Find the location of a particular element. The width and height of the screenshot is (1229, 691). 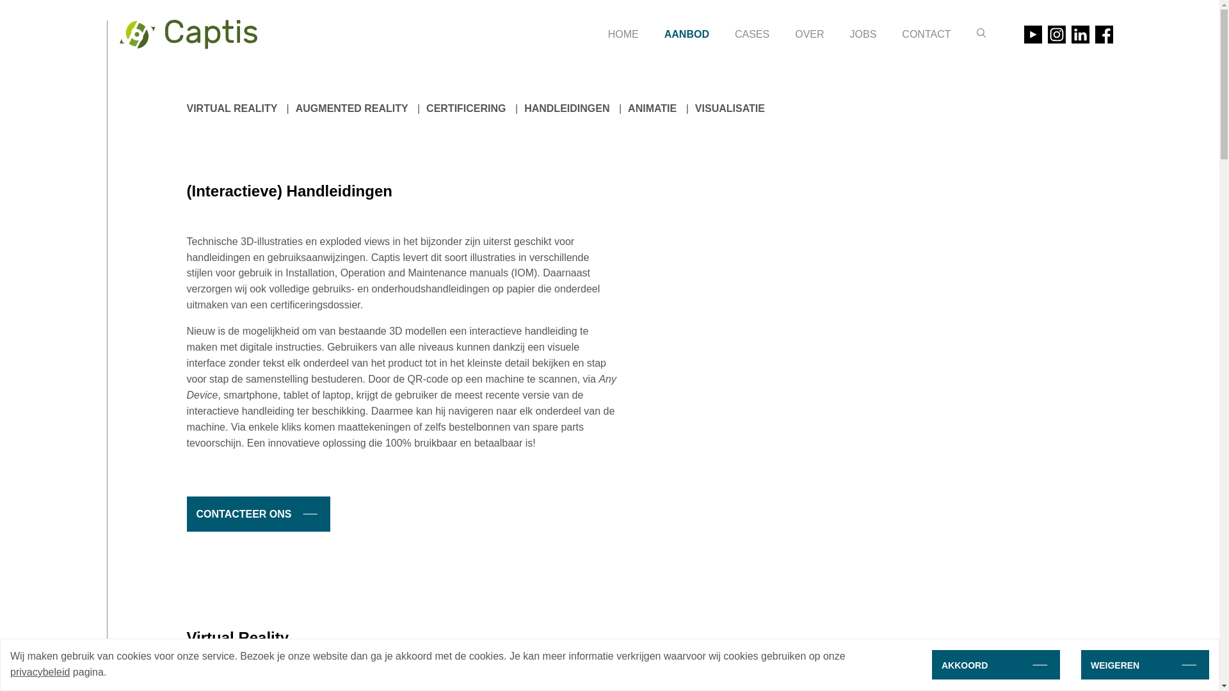

'VIRTUAL REALITY' is located at coordinates (232, 107).